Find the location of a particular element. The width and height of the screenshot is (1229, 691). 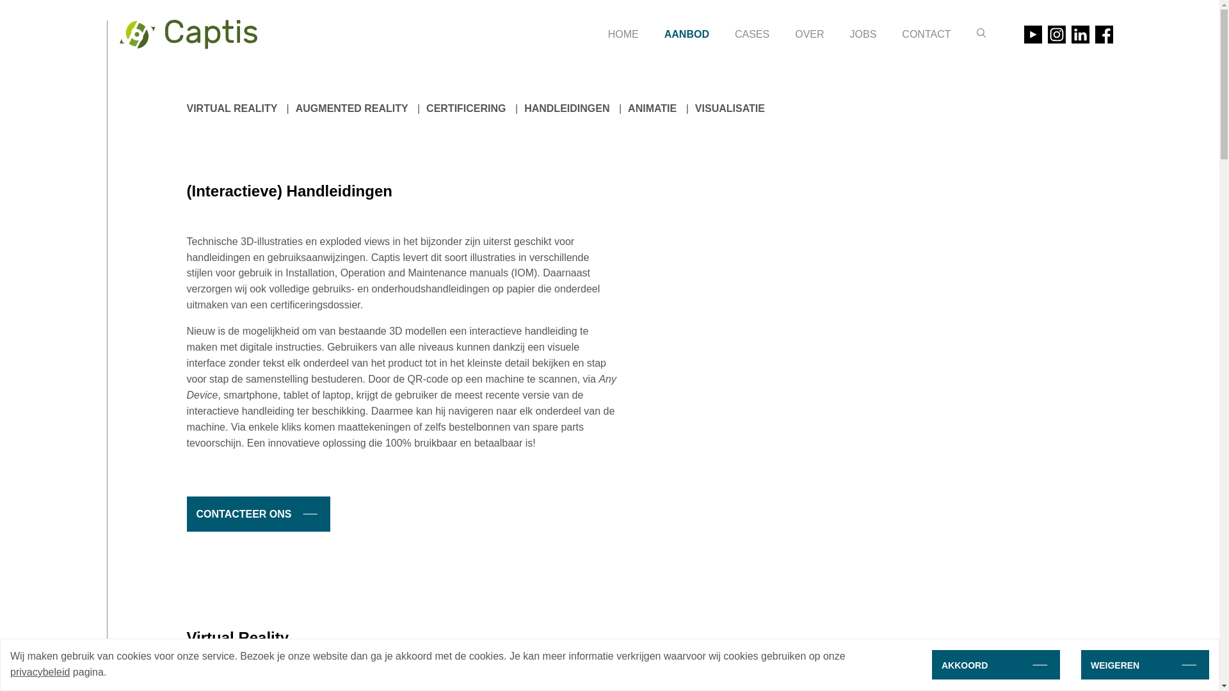

'VIRTUAL REALITY' is located at coordinates (232, 107).